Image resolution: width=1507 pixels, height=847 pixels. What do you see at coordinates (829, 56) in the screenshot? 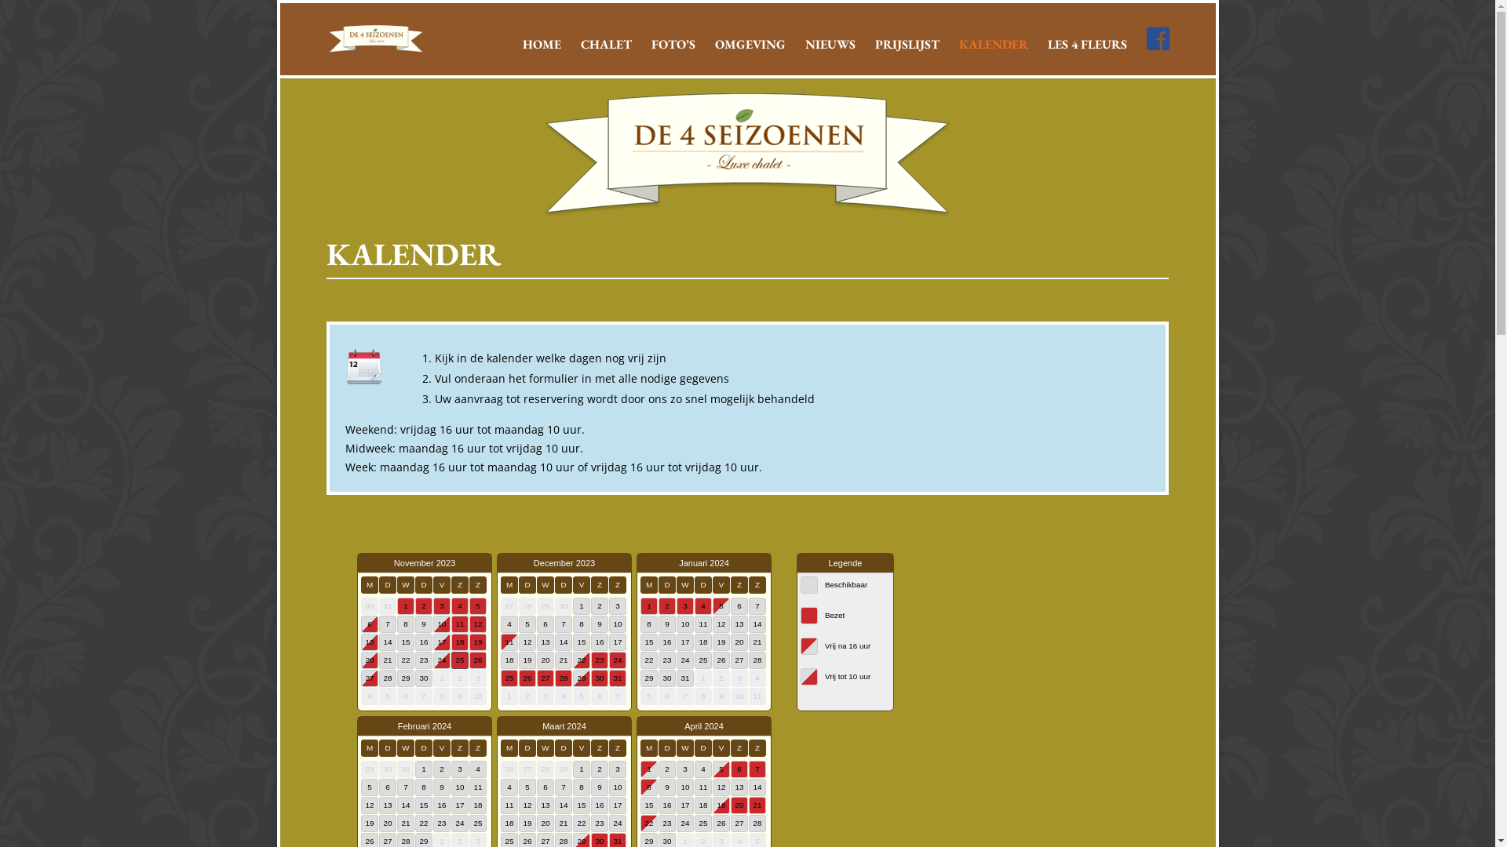
I see `'NIEUWS'` at bounding box center [829, 56].